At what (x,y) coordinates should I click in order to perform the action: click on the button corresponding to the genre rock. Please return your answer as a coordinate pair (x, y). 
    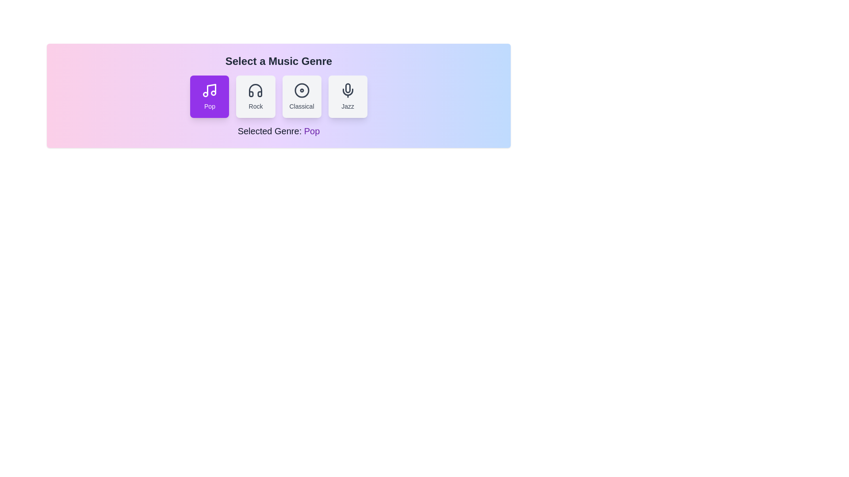
    Looking at the image, I should click on (255, 97).